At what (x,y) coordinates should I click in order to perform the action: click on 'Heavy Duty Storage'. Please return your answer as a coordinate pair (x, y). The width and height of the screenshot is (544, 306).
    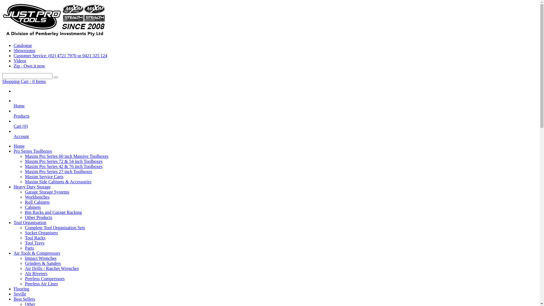
    Looking at the image, I should click on (32, 187).